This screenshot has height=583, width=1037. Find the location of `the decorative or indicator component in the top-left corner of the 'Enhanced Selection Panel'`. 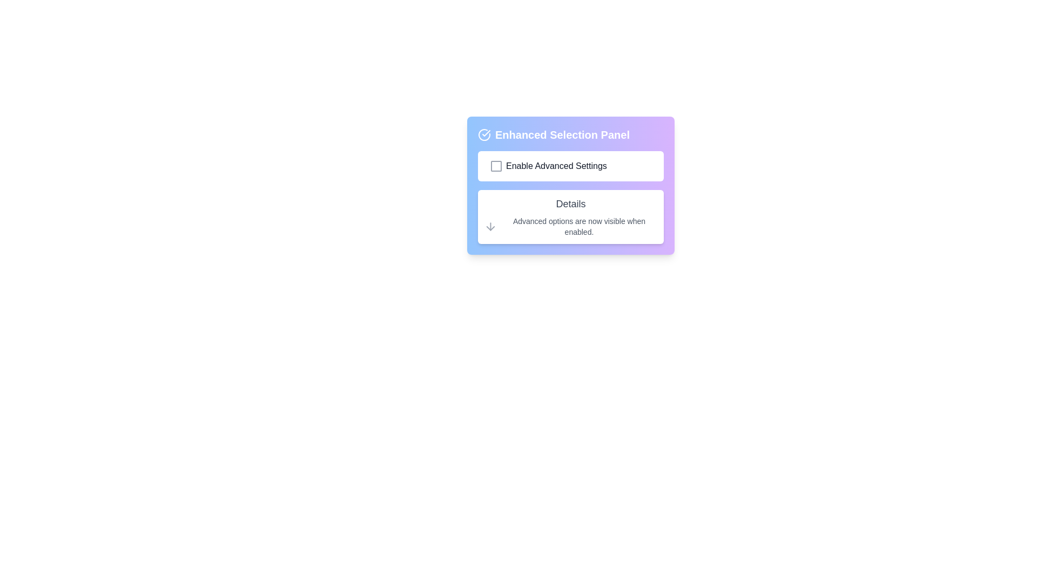

the decorative or indicator component in the top-left corner of the 'Enhanced Selection Panel' is located at coordinates (484, 134).